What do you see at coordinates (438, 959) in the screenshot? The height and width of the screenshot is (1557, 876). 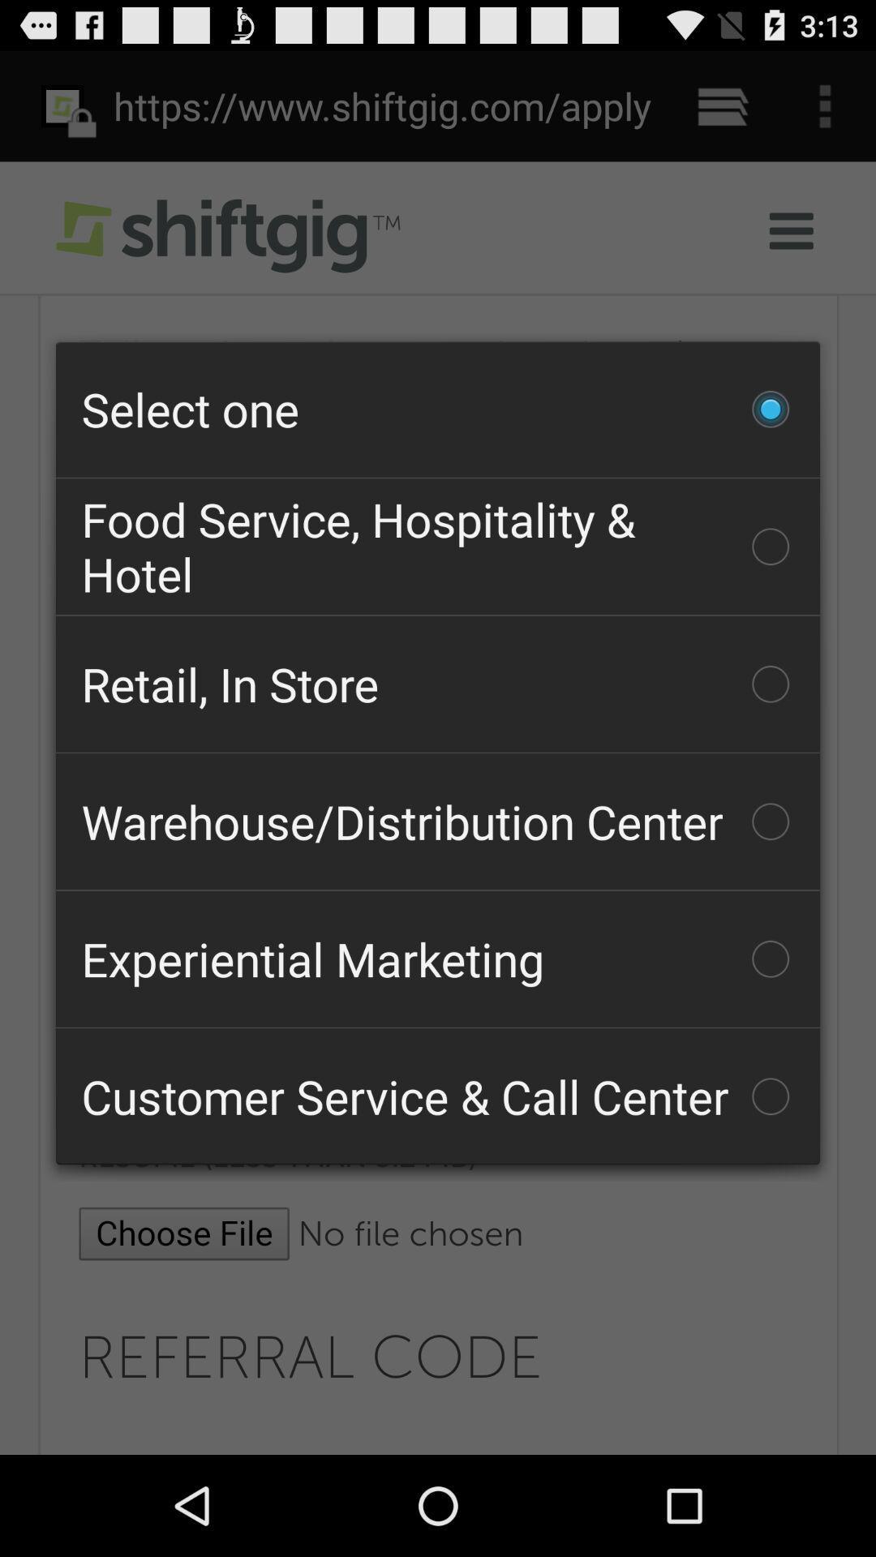 I see `experiential marketing item` at bounding box center [438, 959].